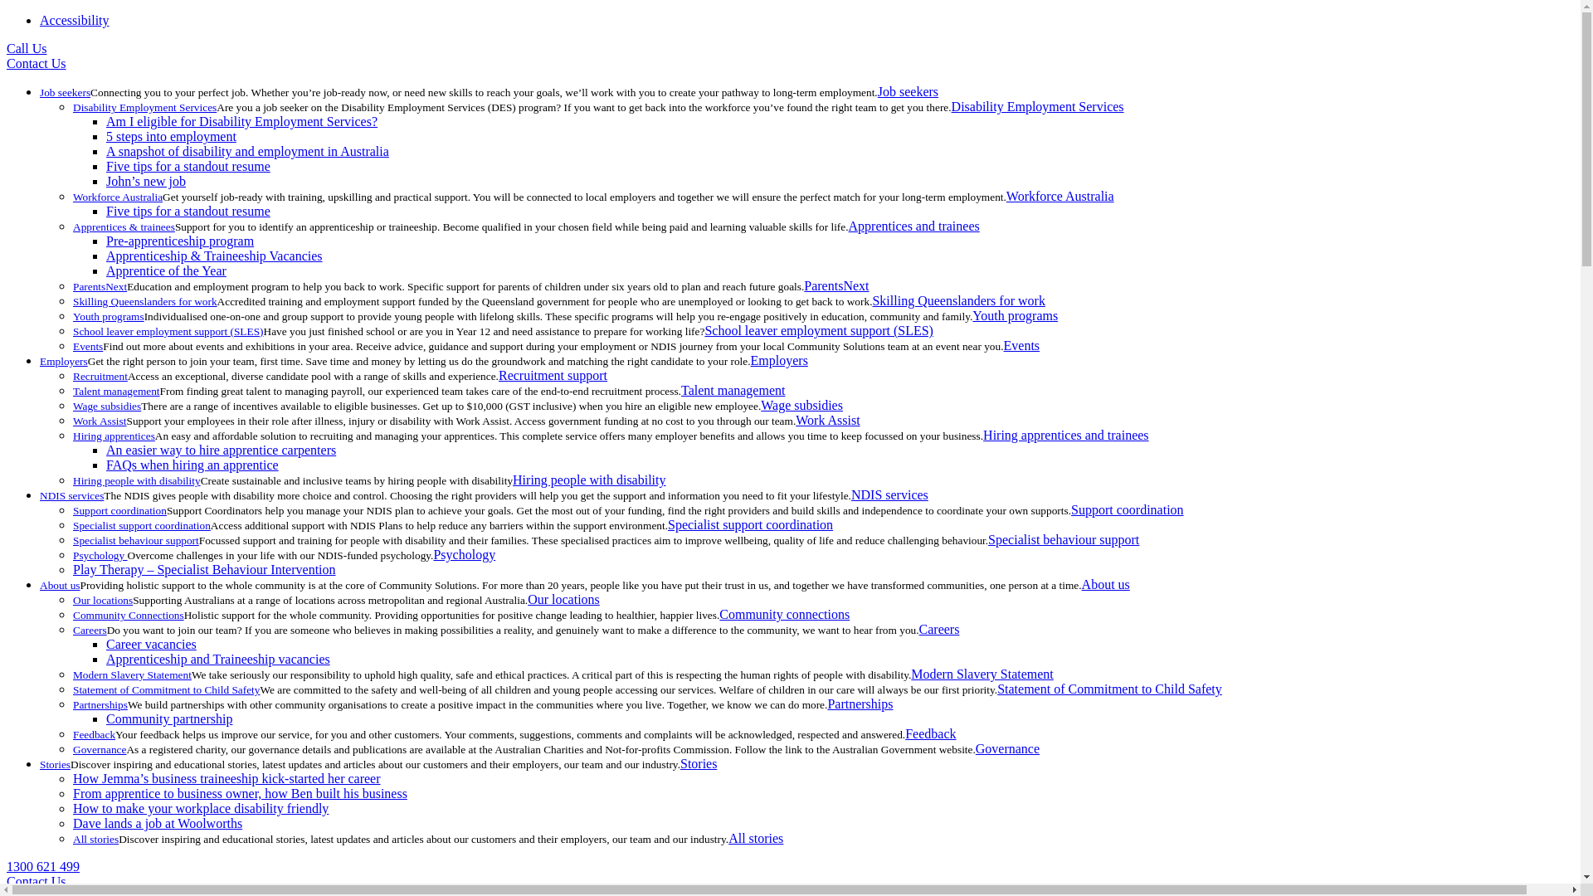  What do you see at coordinates (105, 241) in the screenshot?
I see `'Pre-apprenticeship program'` at bounding box center [105, 241].